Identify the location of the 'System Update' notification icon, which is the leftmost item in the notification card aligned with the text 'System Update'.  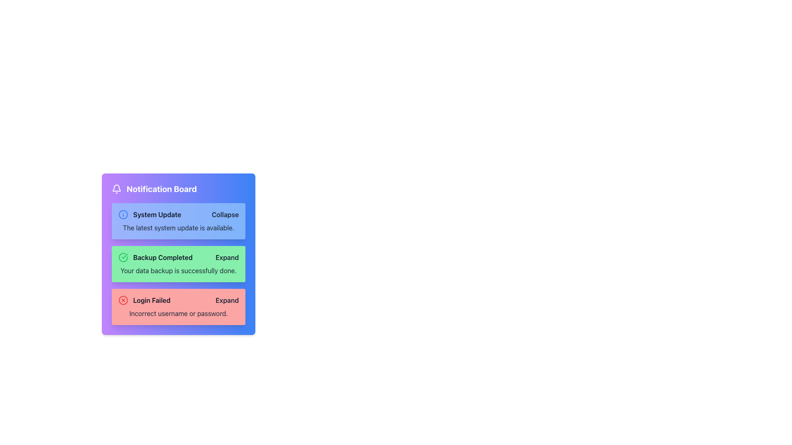
(123, 214).